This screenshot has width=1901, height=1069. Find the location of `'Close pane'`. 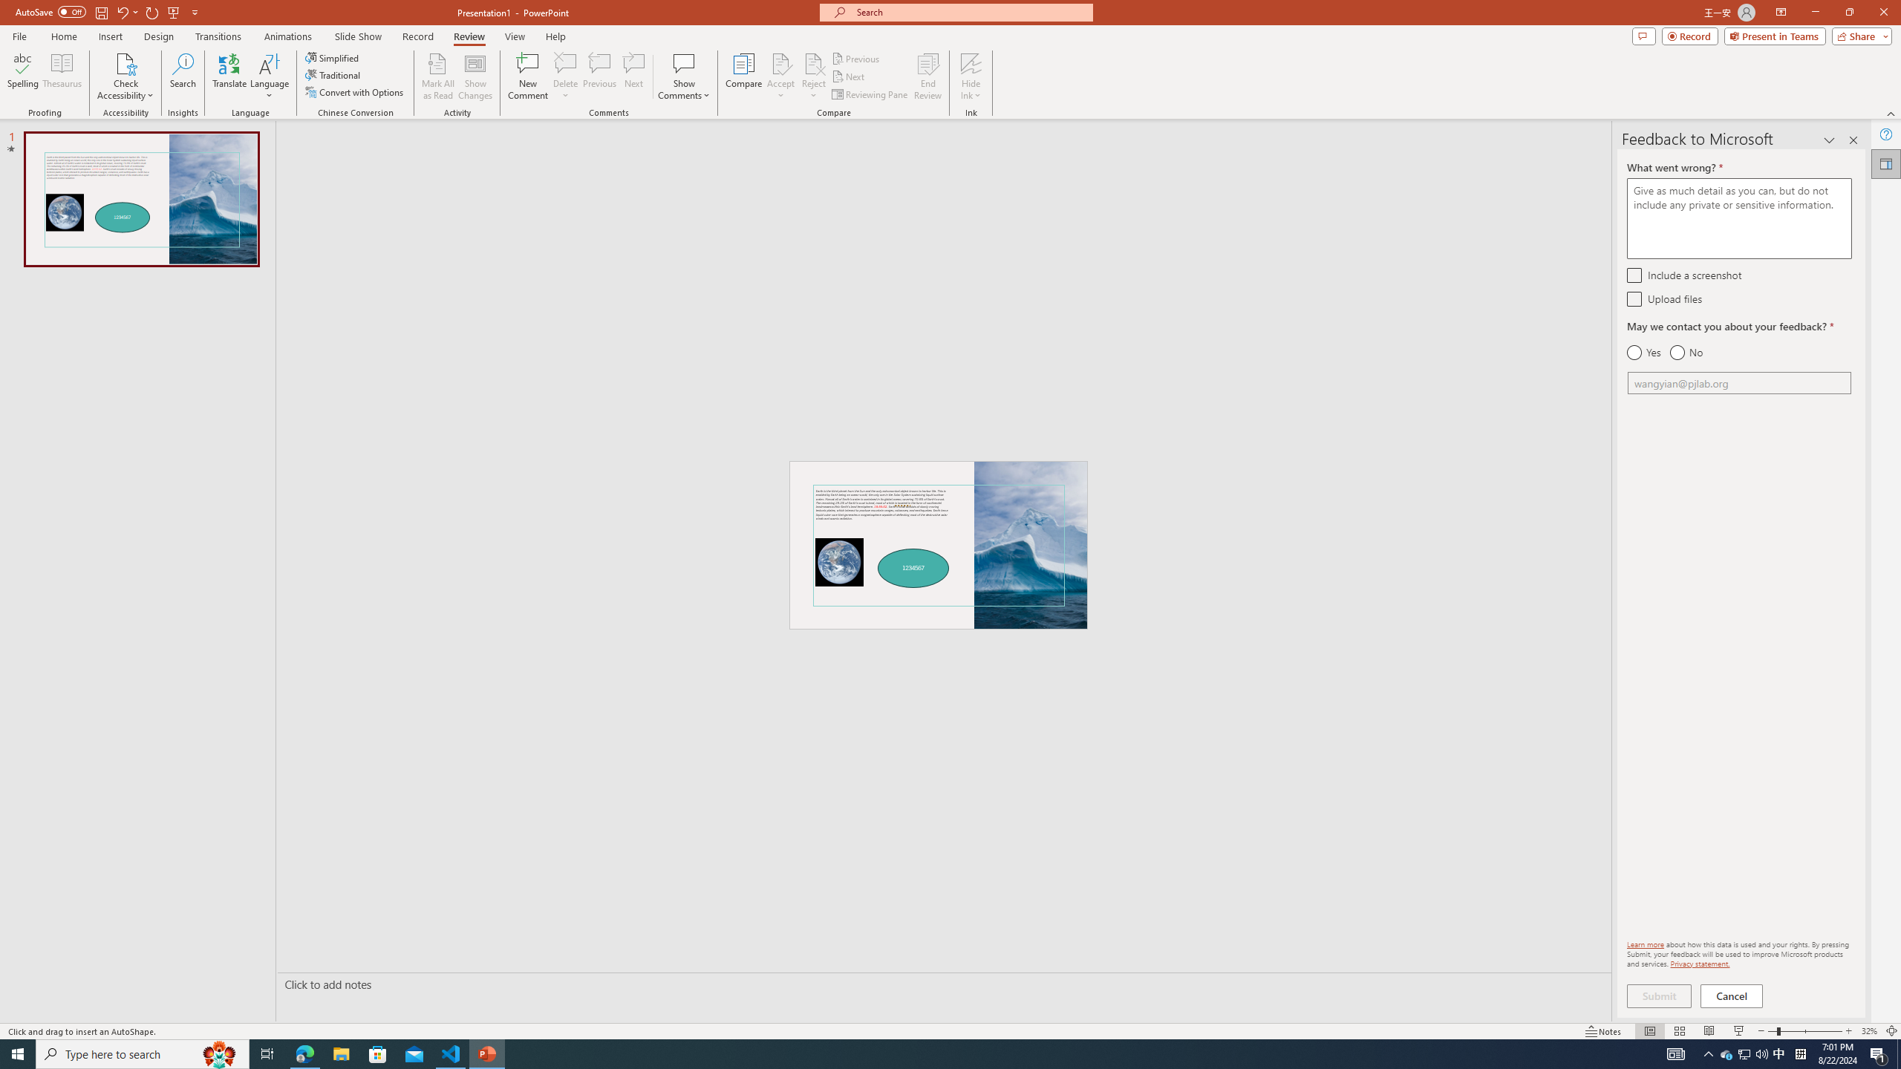

'Close pane' is located at coordinates (1853, 140).